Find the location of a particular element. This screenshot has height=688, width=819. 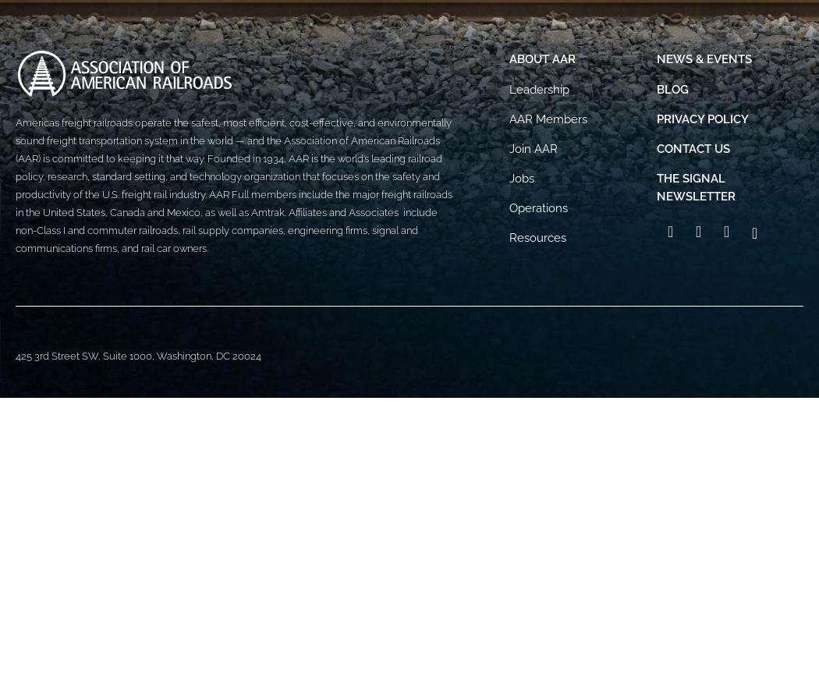

'News & Events' is located at coordinates (703, 59).